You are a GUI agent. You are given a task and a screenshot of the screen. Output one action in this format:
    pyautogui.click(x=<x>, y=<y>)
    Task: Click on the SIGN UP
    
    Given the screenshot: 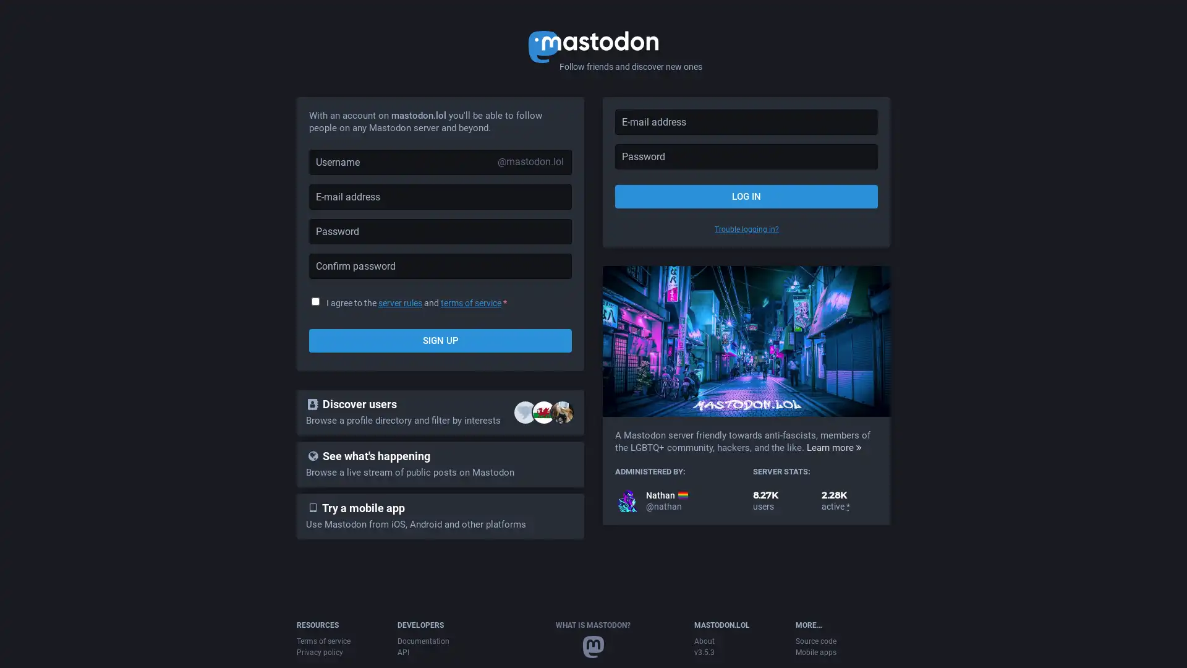 What is the action you would take?
    pyautogui.click(x=440, y=341)
    